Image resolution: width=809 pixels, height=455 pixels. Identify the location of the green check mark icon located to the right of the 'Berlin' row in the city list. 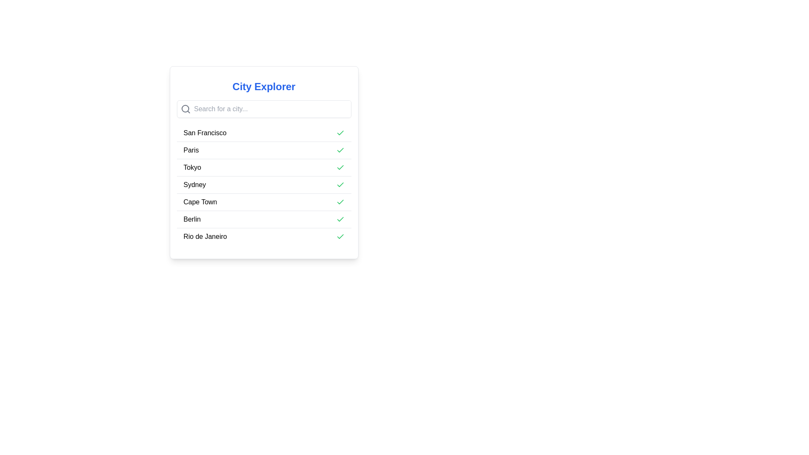
(340, 236).